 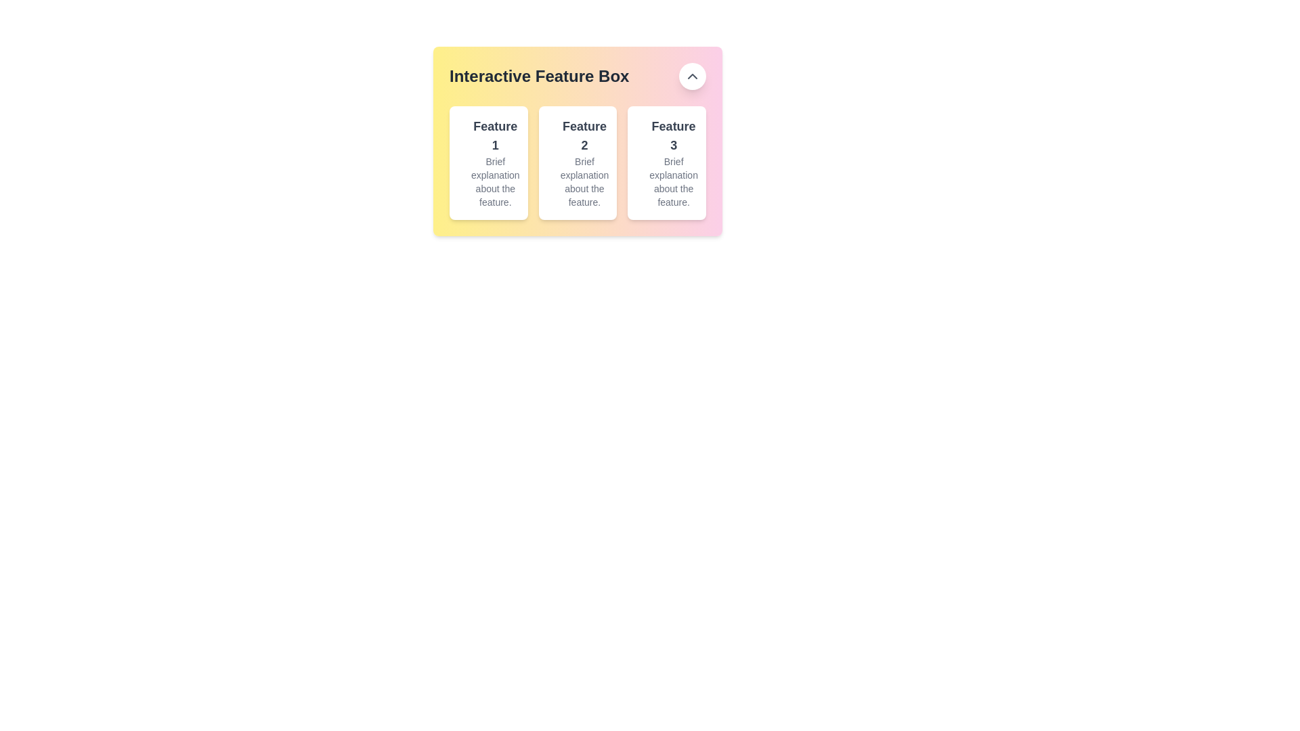 I want to click on the text description for Feature 2 to trigger potential tooltips, so click(x=584, y=162).